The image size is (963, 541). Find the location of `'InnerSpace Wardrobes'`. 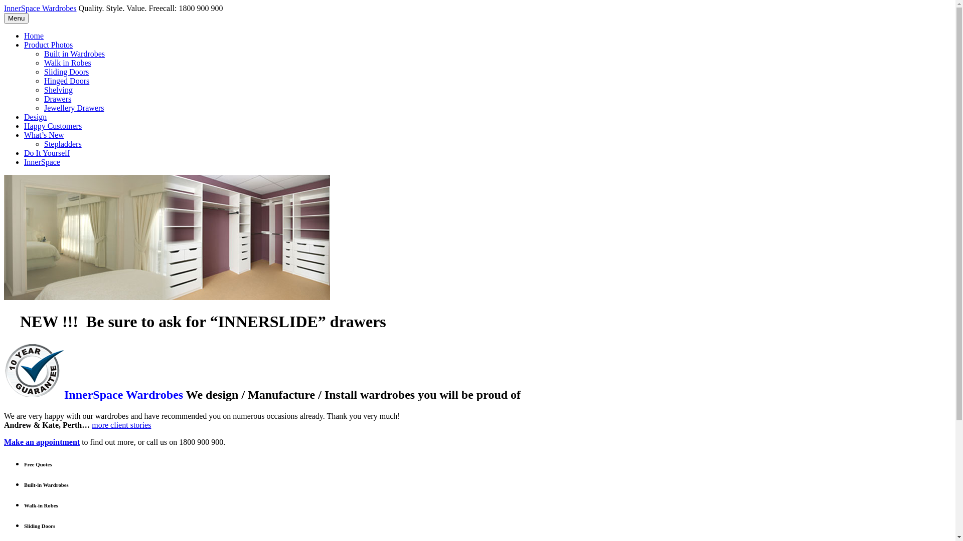

'InnerSpace Wardrobes' is located at coordinates (40, 8).